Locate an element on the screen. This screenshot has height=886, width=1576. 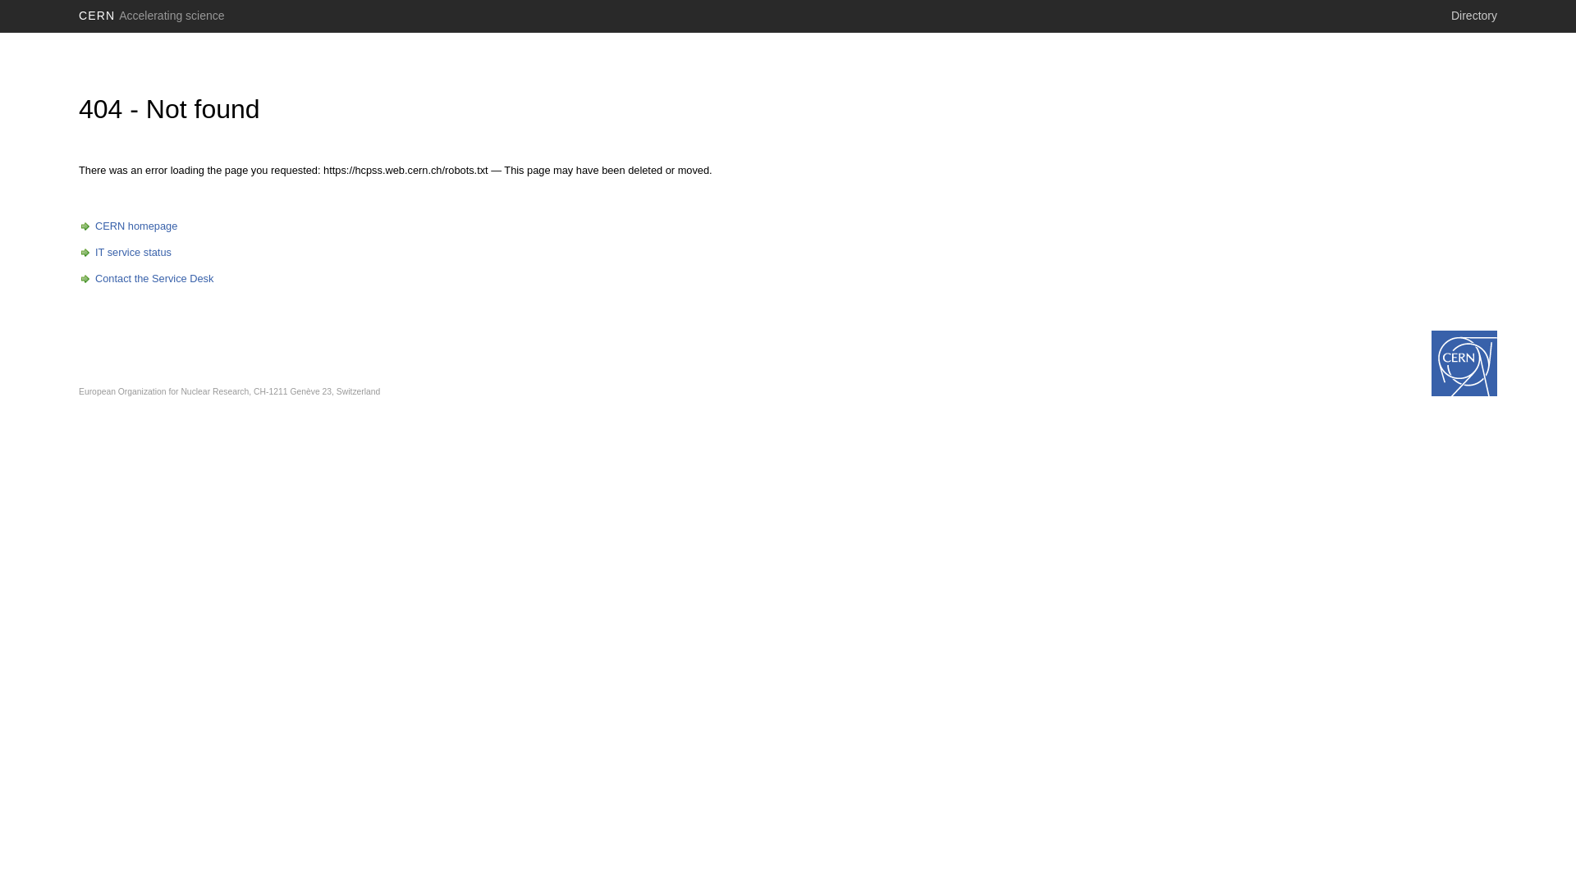
'Contact the Service Desk' is located at coordinates (145, 277).